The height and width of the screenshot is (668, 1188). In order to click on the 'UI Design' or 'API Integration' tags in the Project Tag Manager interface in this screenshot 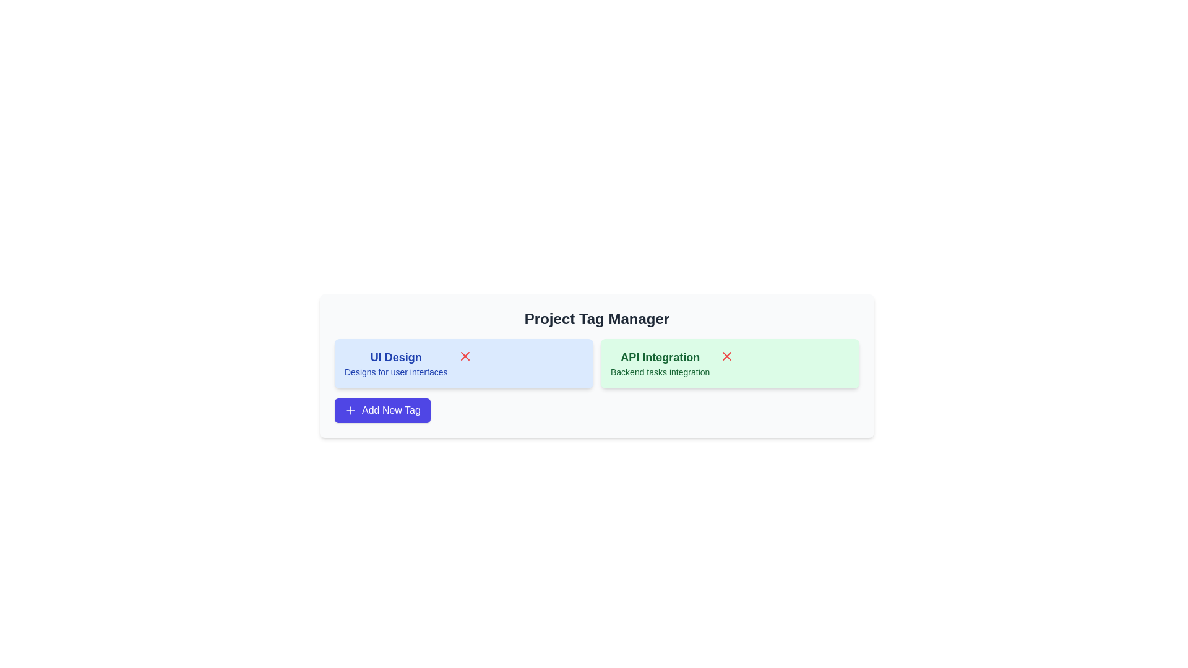, I will do `click(596, 365)`.